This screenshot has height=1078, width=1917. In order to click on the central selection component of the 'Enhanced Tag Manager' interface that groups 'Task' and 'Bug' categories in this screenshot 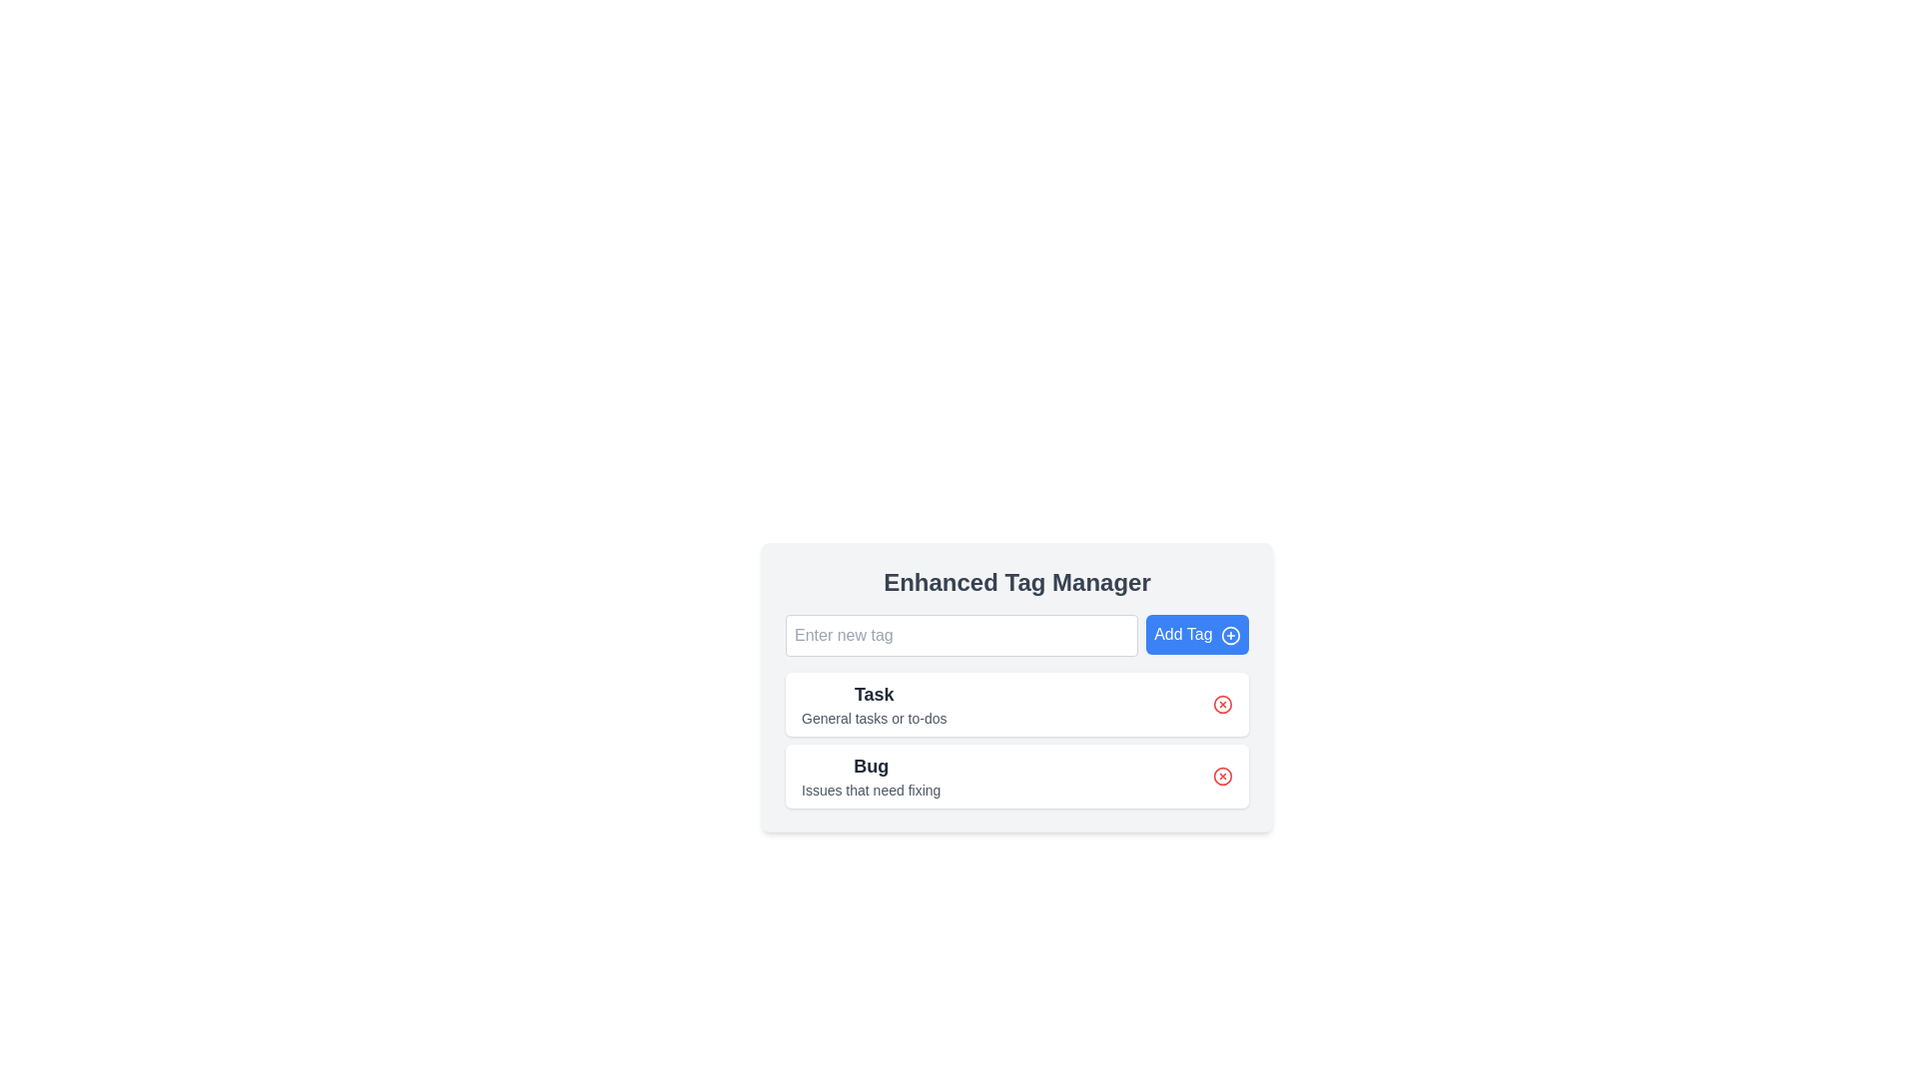, I will do `click(1016, 740)`.